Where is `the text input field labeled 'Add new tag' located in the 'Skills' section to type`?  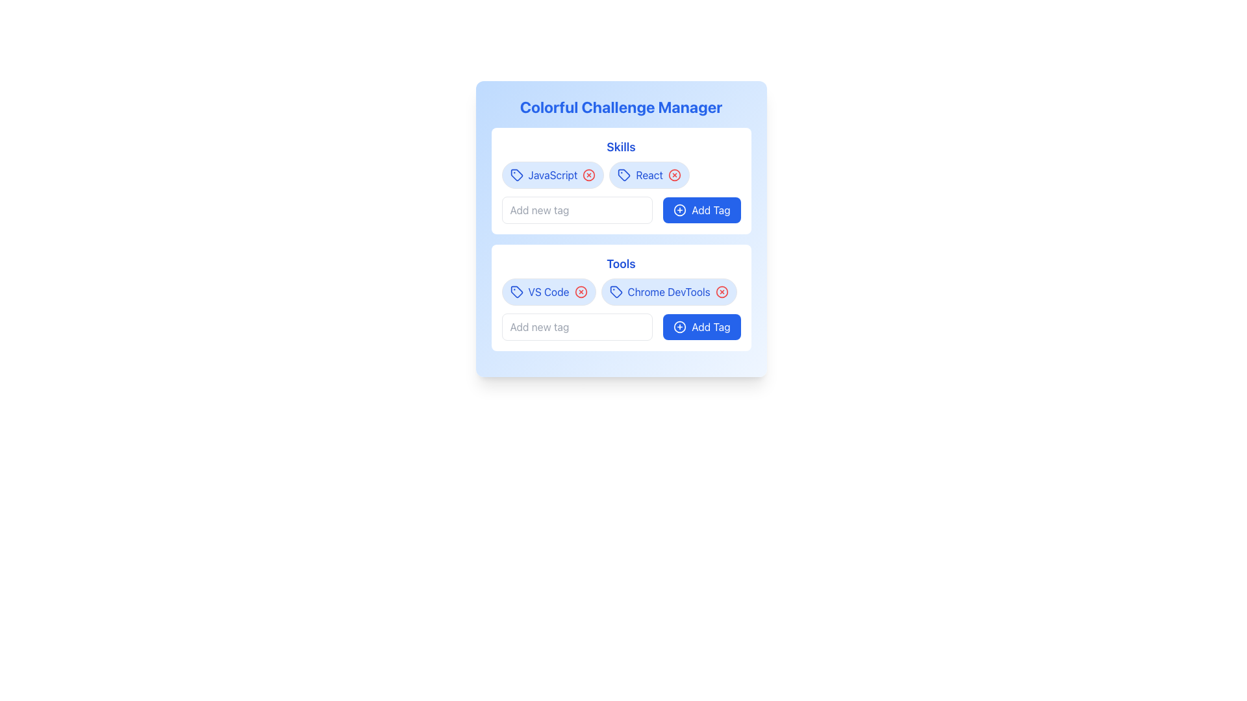 the text input field labeled 'Add new tag' located in the 'Skills' section to type is located at coordinates (620, 210).